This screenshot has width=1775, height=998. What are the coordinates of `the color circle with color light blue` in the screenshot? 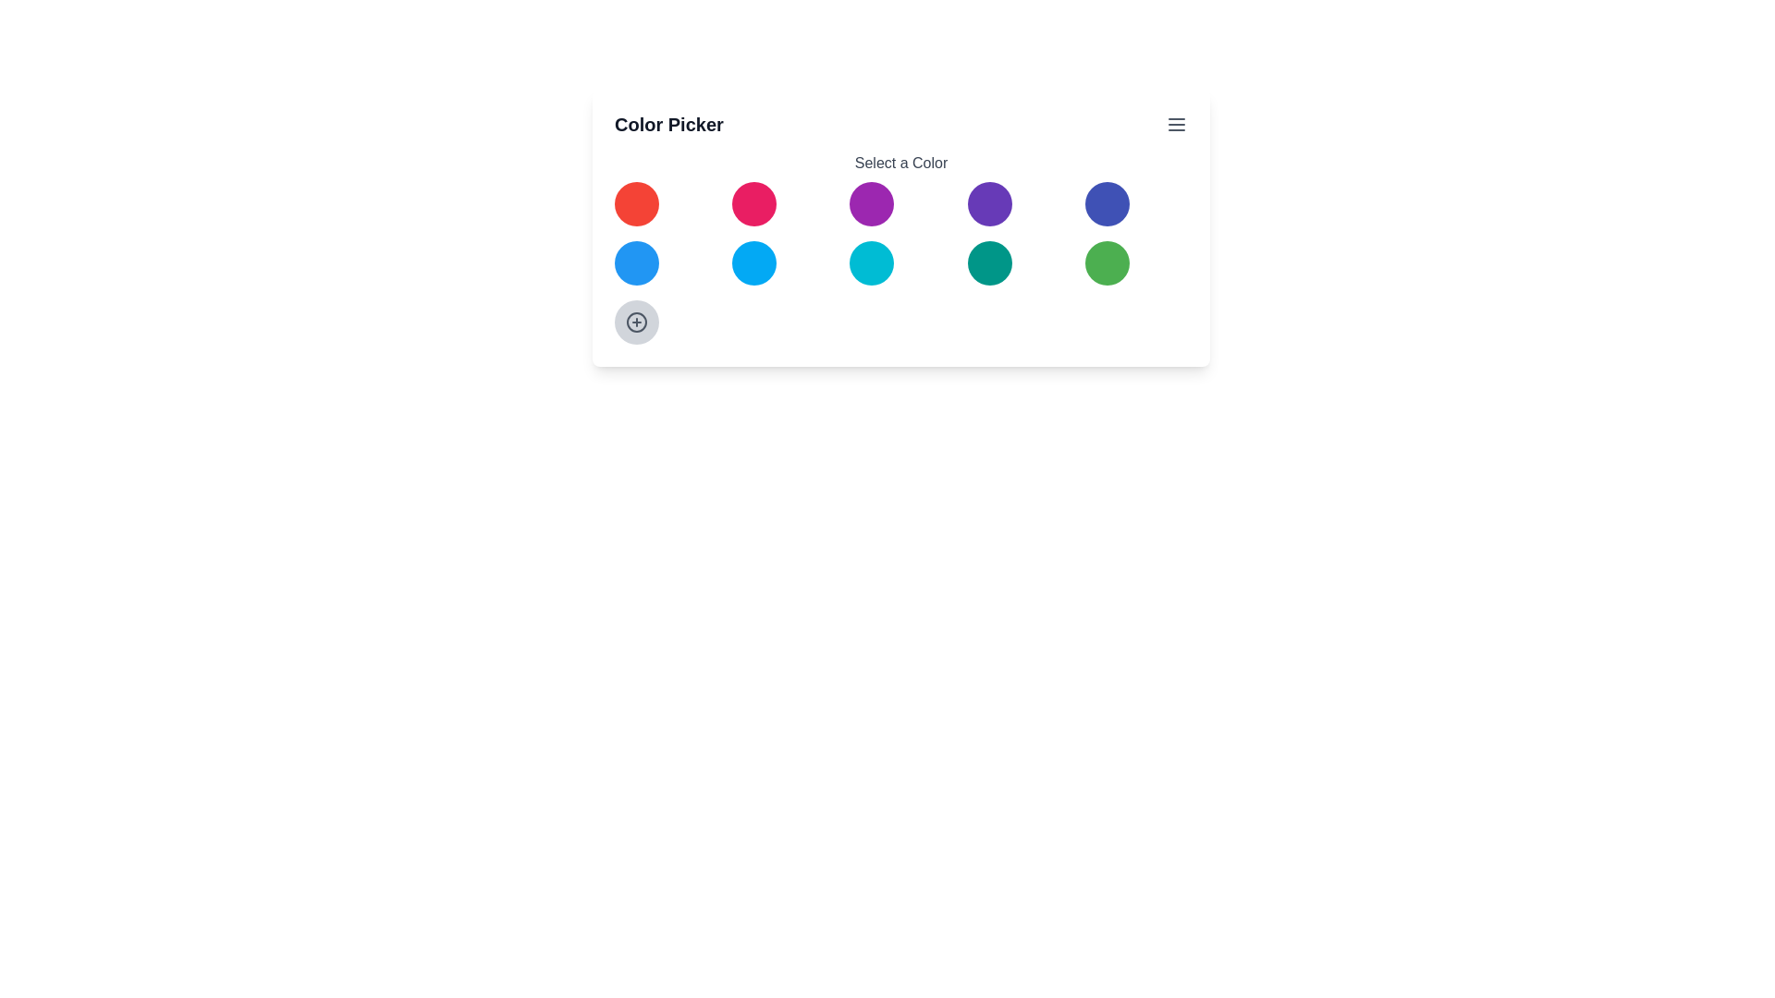 It's located at (754, 263).